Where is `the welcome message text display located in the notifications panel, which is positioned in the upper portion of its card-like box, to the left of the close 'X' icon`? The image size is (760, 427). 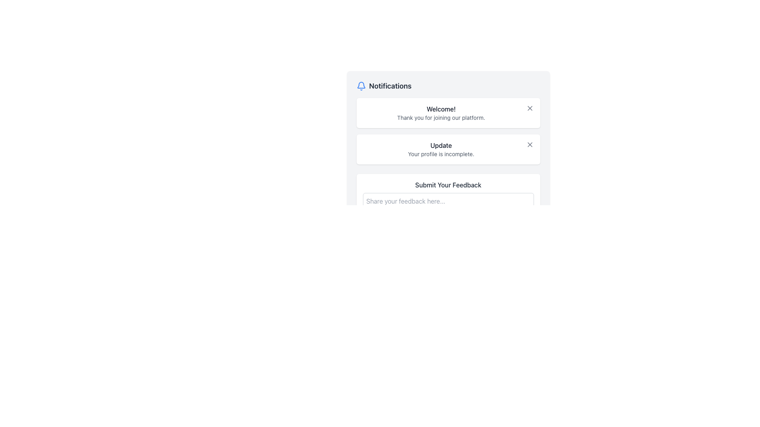
the welcome message text display located in the notifications panel, which is positioned in the upper portion of its card-like box, to the left of the close 'X' icon is located at coordinates (441, 113).